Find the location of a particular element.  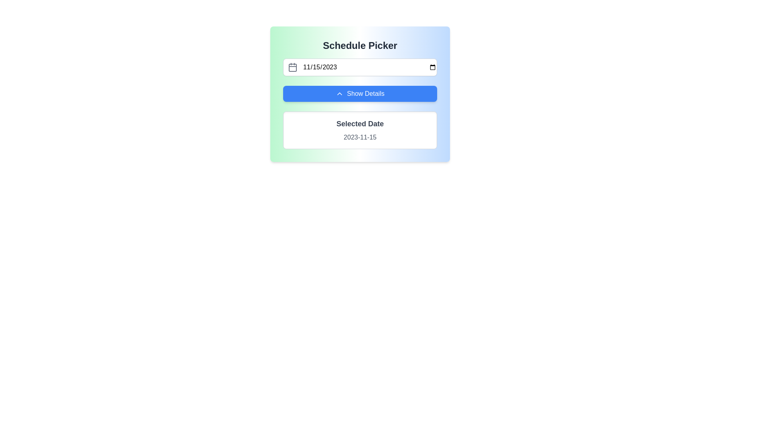

the text element displaying the date '2023-11-15', which is centered below the label 'Selected Date' in a white box is located at coordinates (359, 137).